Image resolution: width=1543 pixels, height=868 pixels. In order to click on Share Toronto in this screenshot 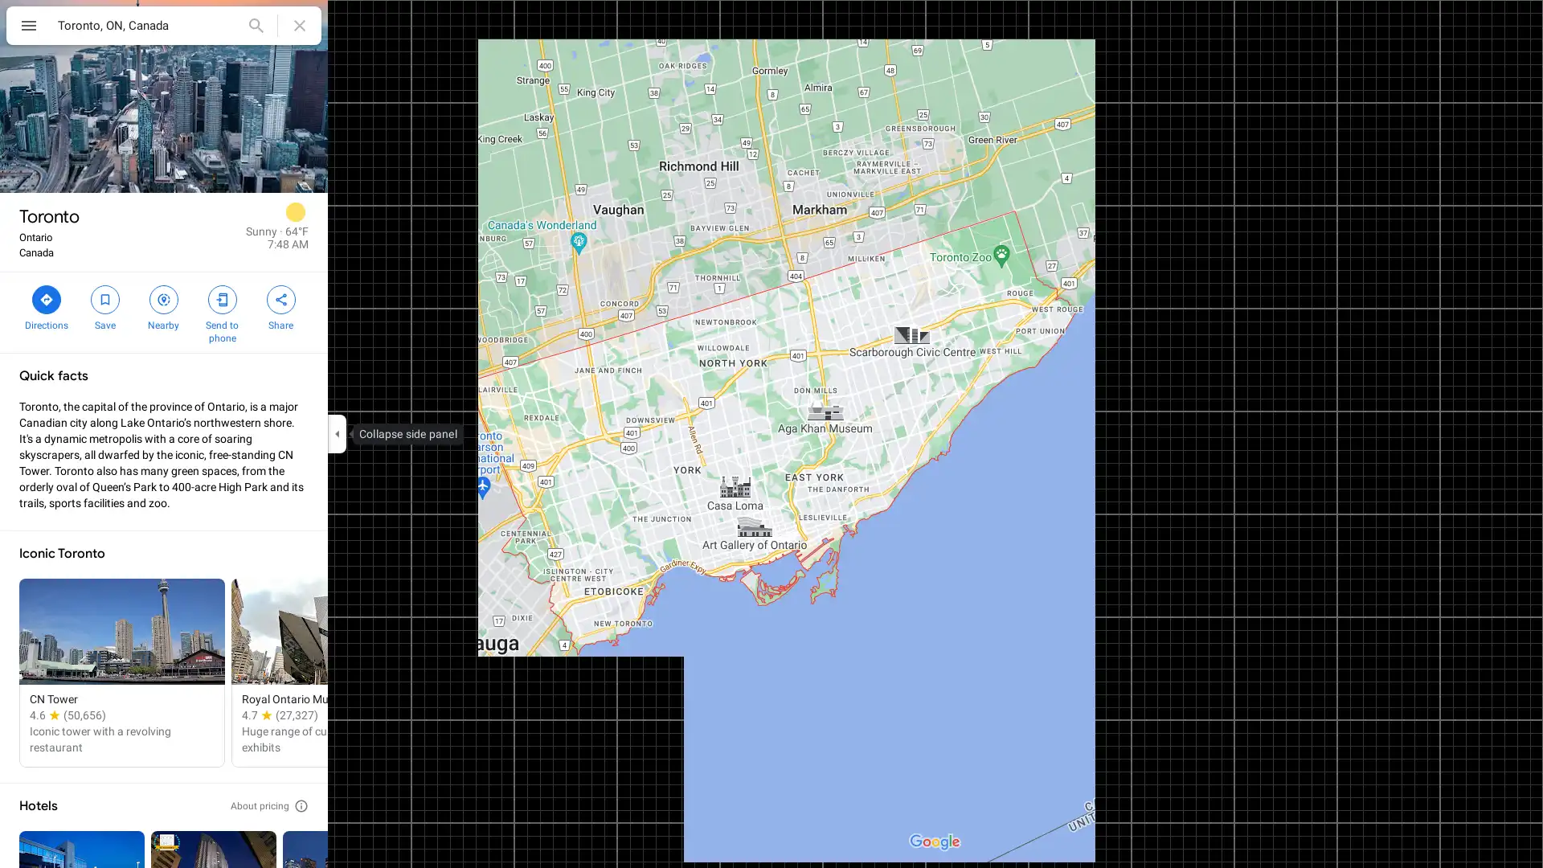, I will do `click(280, 306)`.